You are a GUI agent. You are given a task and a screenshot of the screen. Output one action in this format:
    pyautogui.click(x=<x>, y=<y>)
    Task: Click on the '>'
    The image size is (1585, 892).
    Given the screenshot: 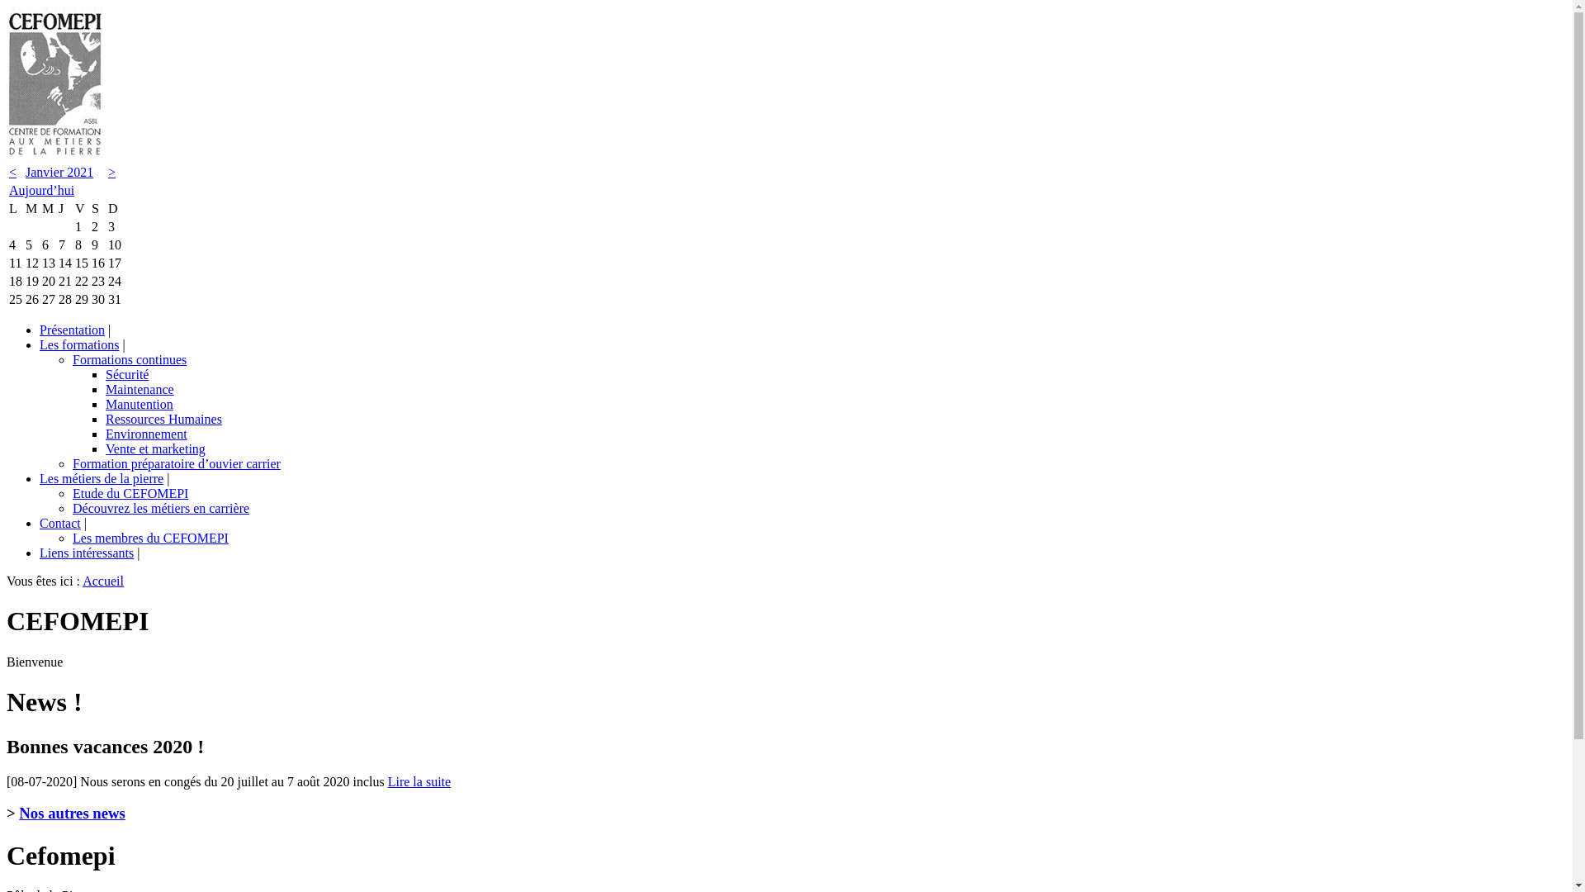 What is the action you would take?
    pyautogui.click(x=111, y=172)
    